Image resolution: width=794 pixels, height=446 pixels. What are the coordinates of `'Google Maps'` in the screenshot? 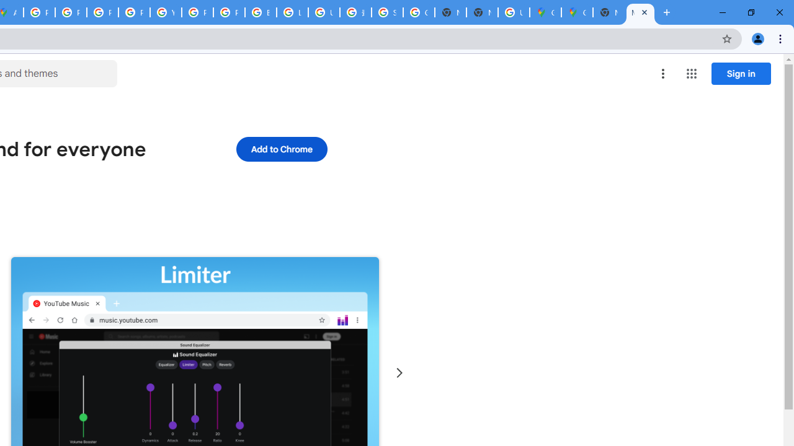 It's located at (545, 12).